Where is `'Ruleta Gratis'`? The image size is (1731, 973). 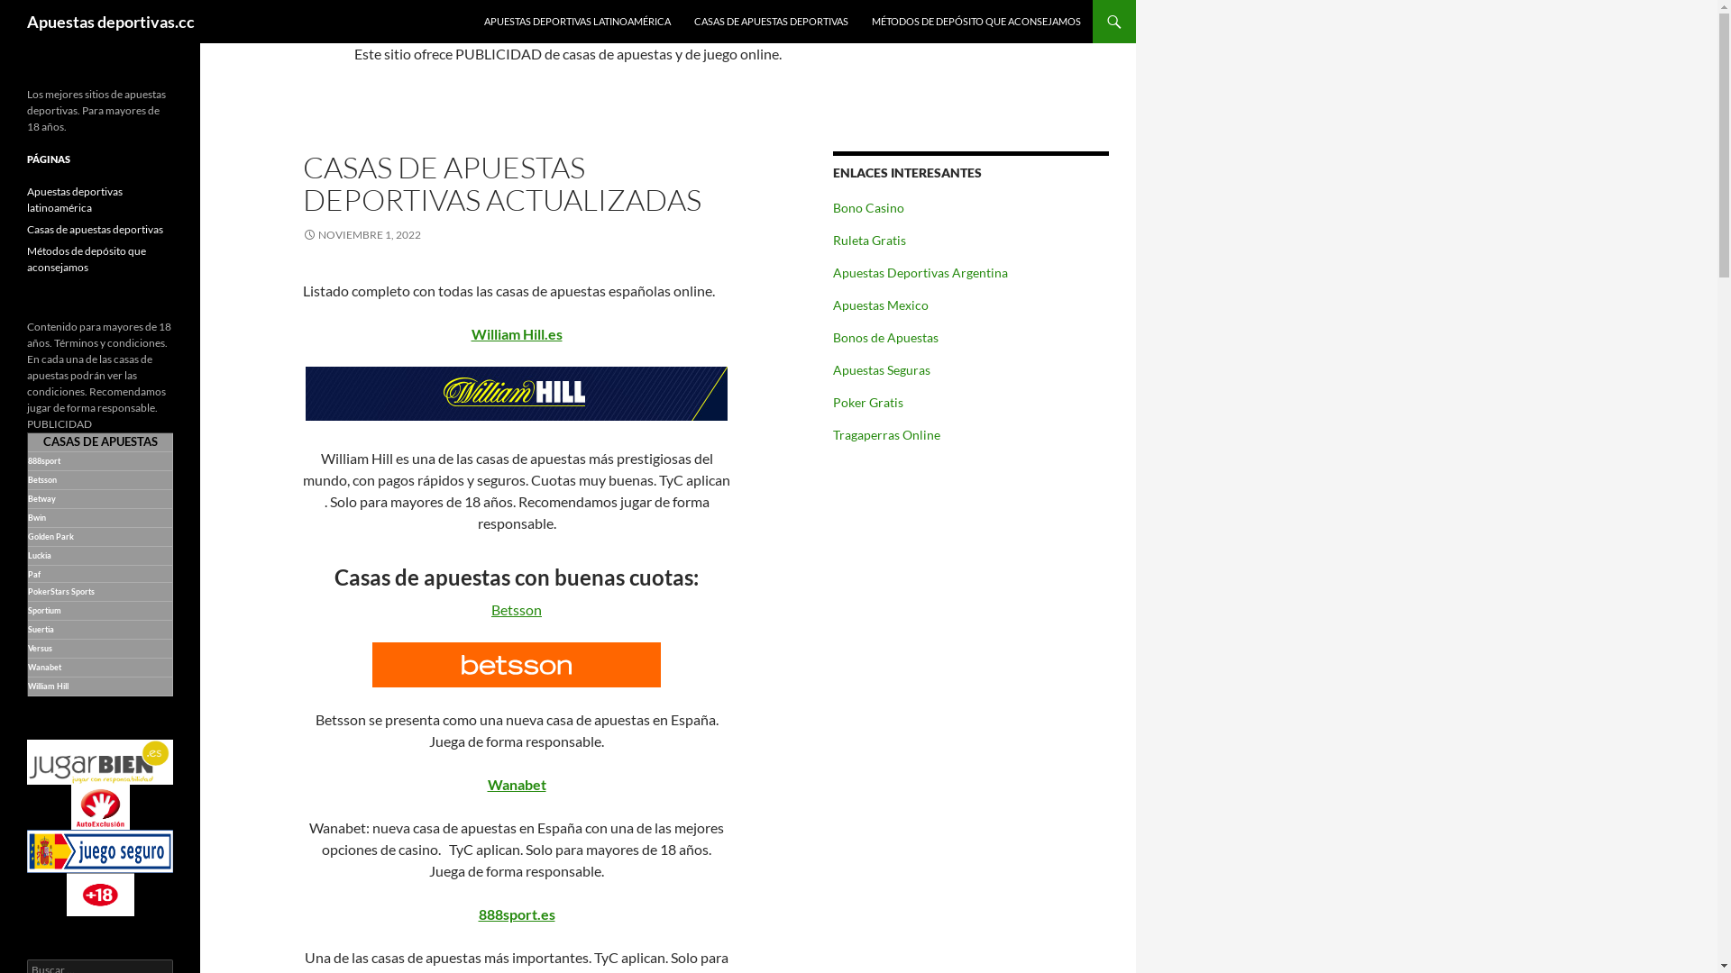
'Ruleta Gratis' is located at coordinates (869, 239).